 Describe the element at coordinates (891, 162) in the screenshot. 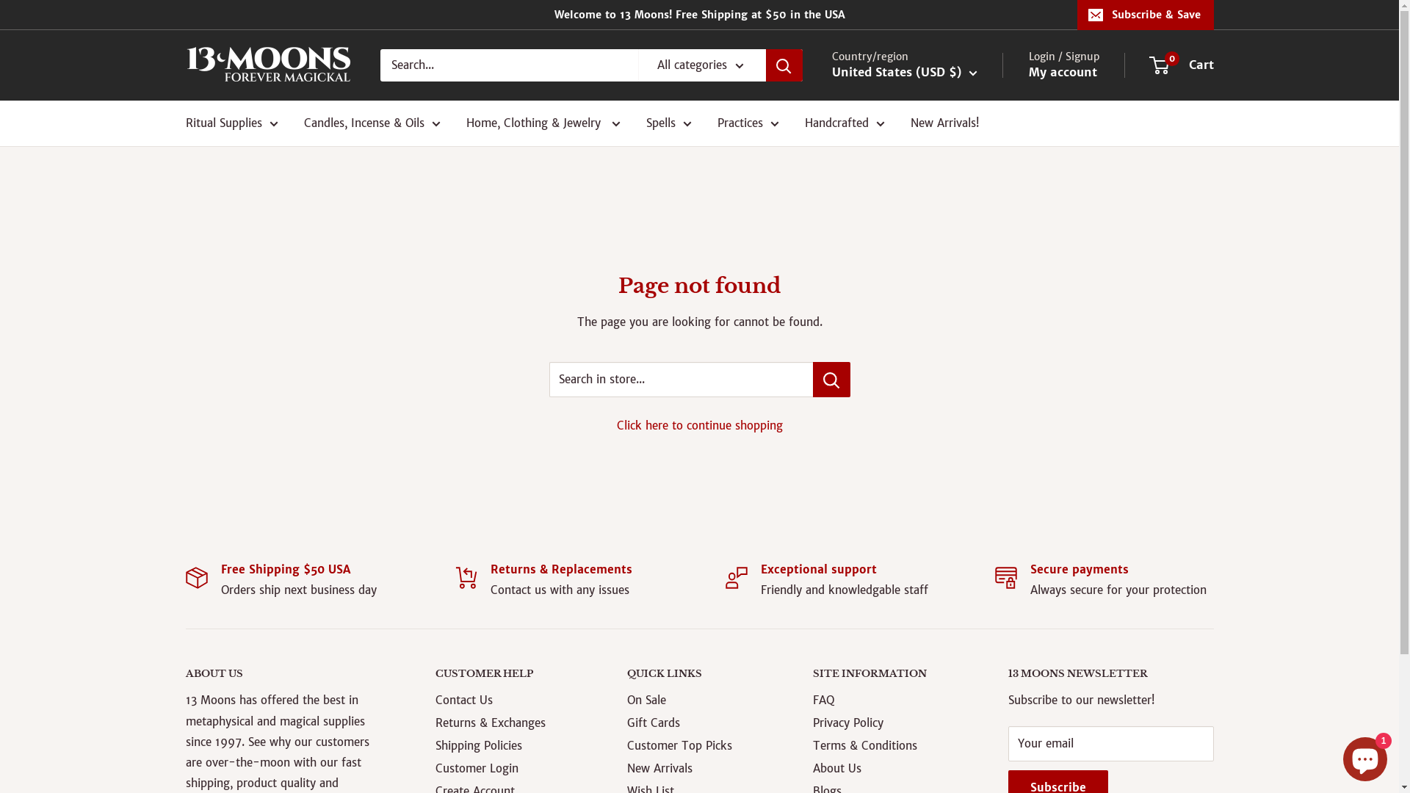

I see `'CA'` at that location.